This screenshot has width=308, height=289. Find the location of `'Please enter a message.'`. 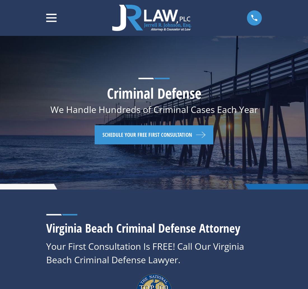

'Please enter a message.' is located at coordinates (235, 281).